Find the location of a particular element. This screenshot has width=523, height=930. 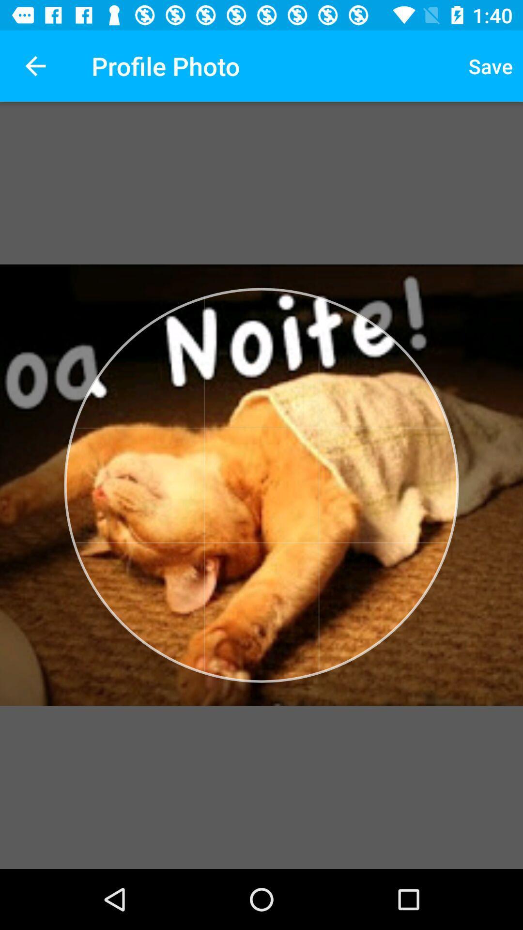

item next to profile photo icon is located at coordinates (491, 65).